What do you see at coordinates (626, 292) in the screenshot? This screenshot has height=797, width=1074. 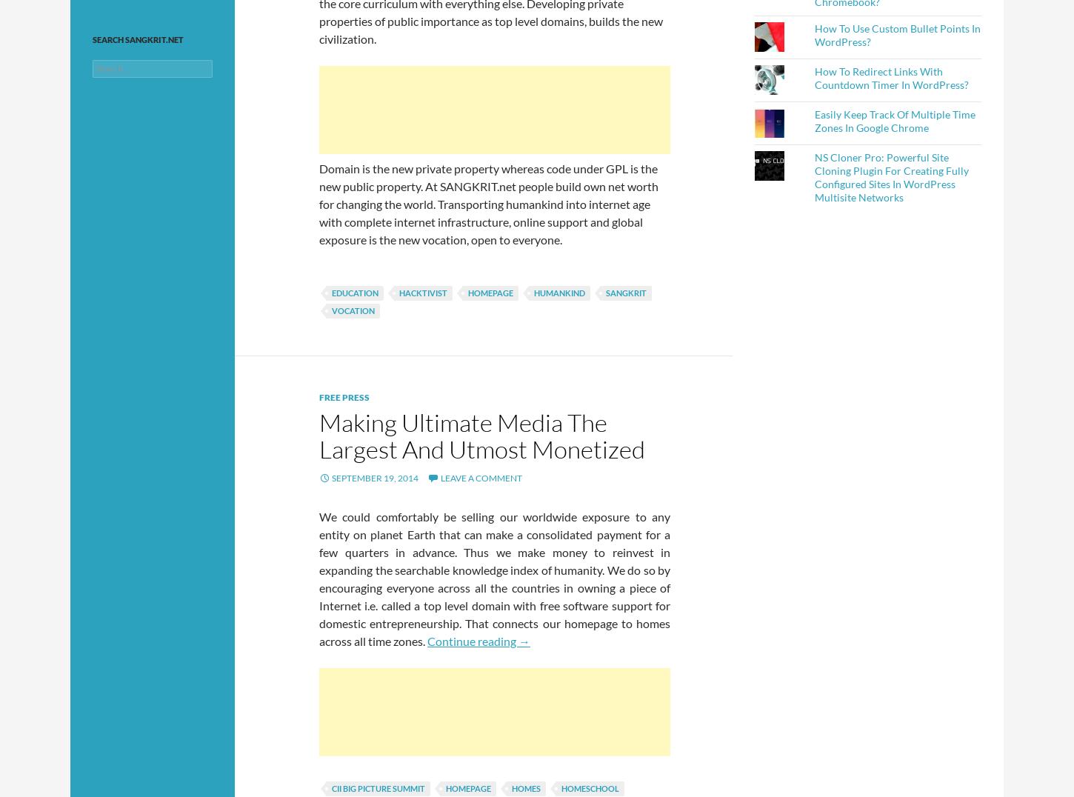 I see `'Sangkrit'` at bounding box center [626, 292].